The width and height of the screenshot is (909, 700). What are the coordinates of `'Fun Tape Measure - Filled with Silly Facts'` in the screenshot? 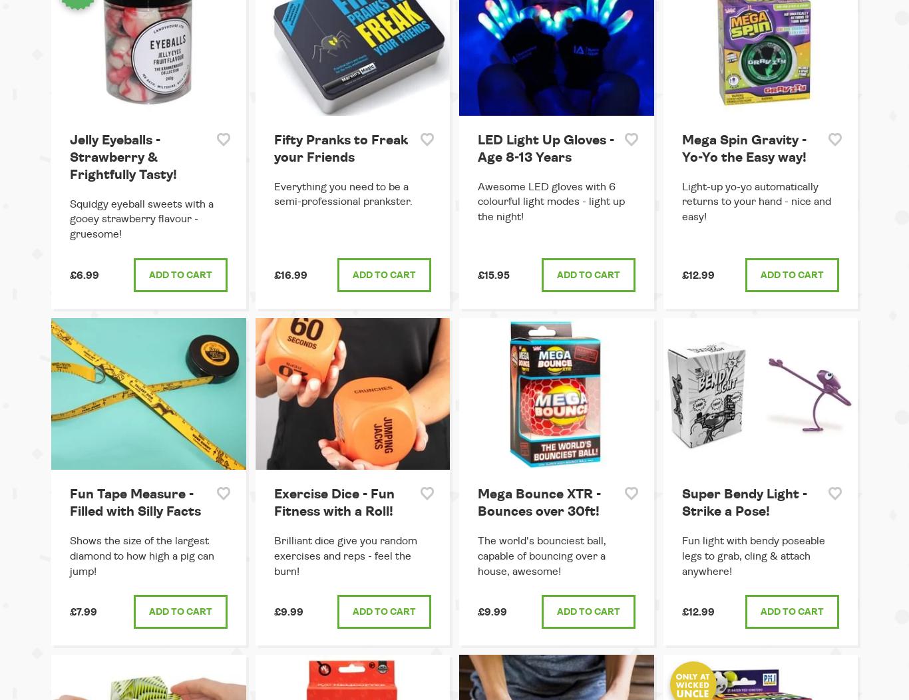 It's located at (70, 502).